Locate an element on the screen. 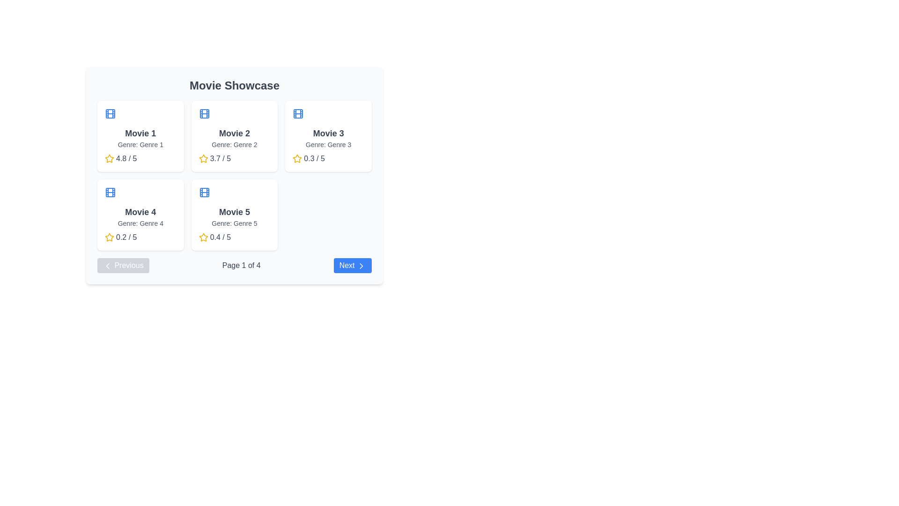  the text label displaying the numerical rating '0.3 / 5' located in the top-right item of the 'Movie Showcase' grid is located at coordinates (314, 158).